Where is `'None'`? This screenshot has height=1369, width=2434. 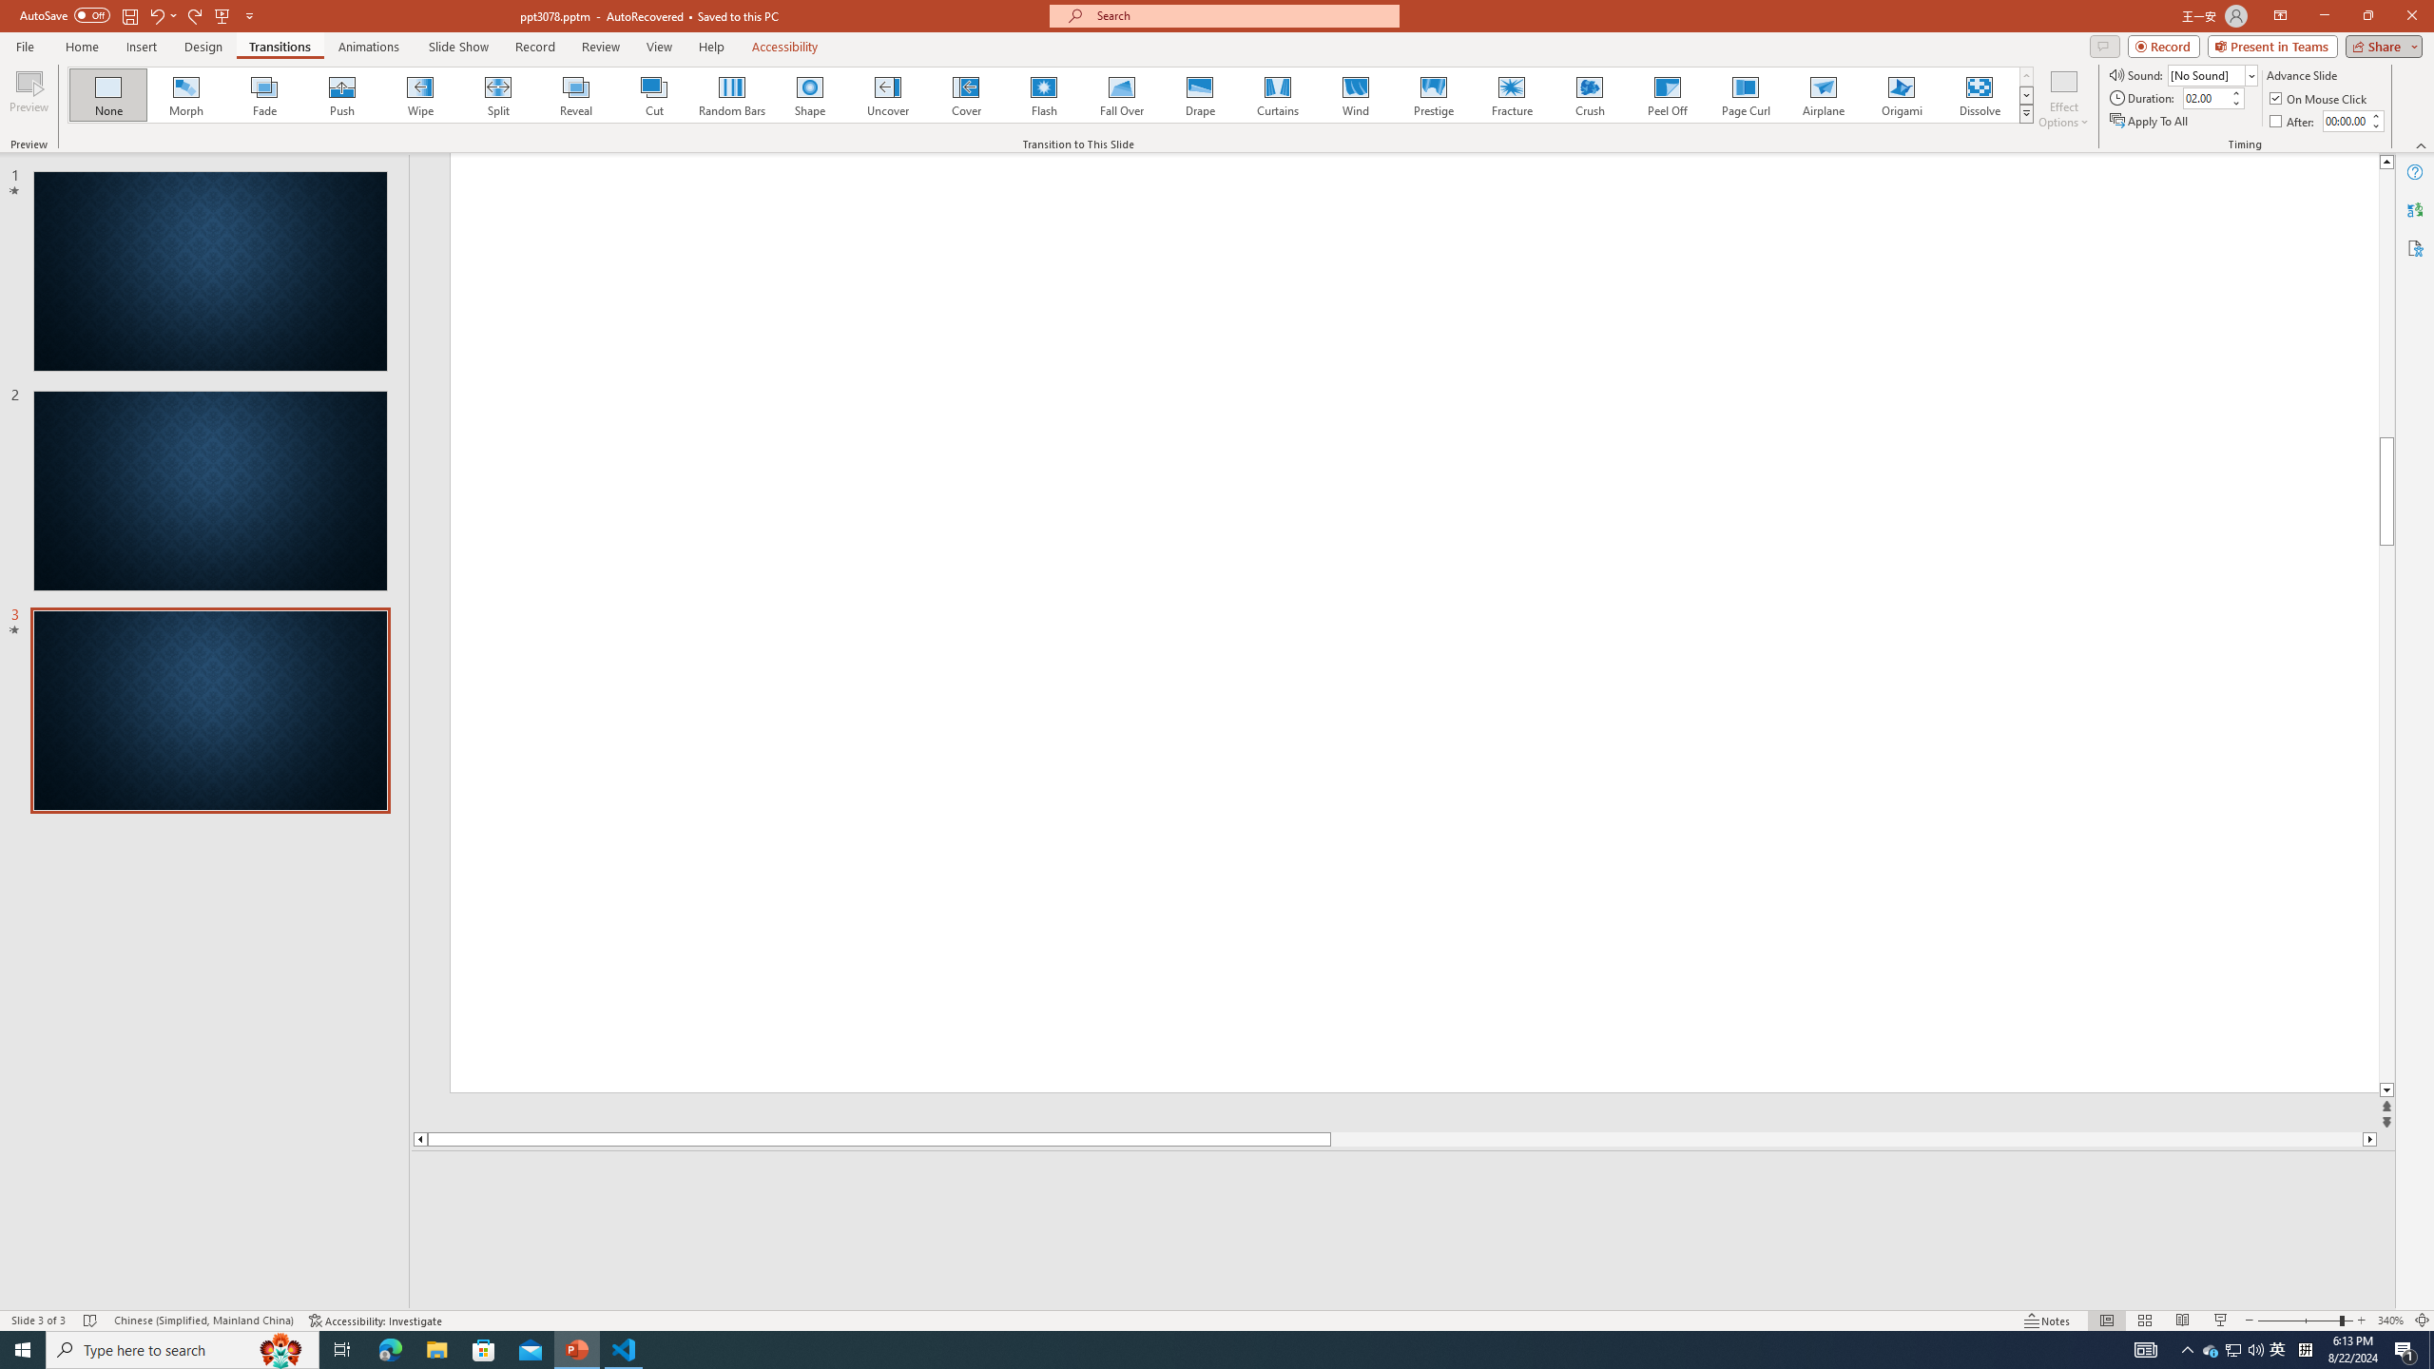 'None' is located at coordinates (108, 94).